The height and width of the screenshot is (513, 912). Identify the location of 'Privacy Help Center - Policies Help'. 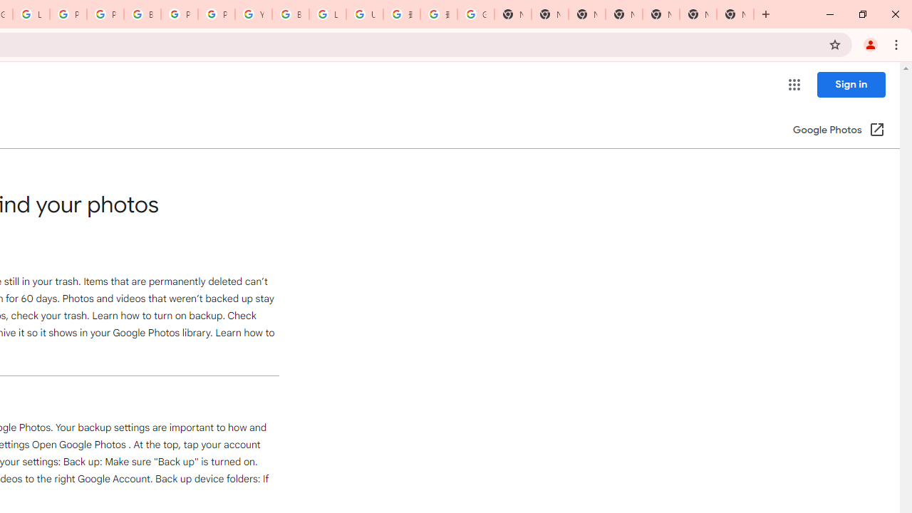
(68, 14).